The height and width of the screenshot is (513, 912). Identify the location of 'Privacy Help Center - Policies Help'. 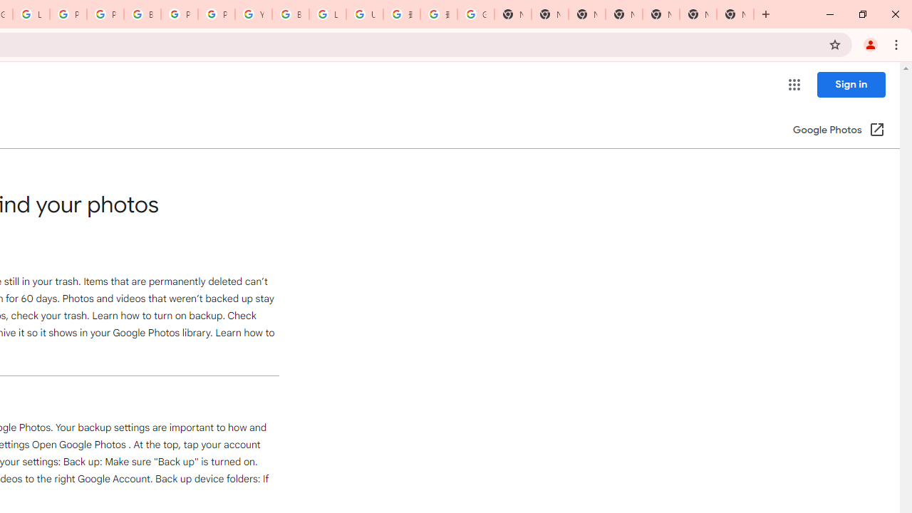
(68, 14).